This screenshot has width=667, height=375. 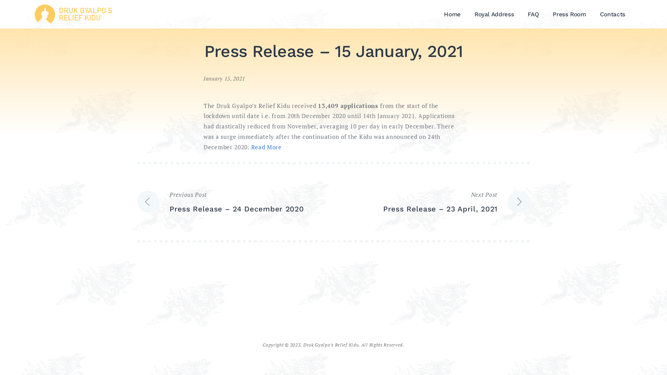 I want to click on 'Contacts', so click(x=612, y=14).